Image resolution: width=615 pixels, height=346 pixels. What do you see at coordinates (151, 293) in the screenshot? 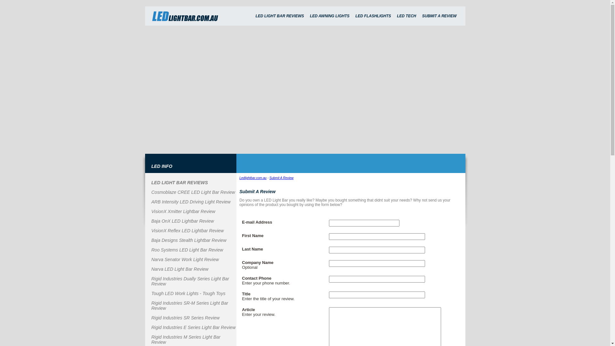
I see `'Tough LED Work Lights - Tough Toys'` at bounding box center [151, 293].